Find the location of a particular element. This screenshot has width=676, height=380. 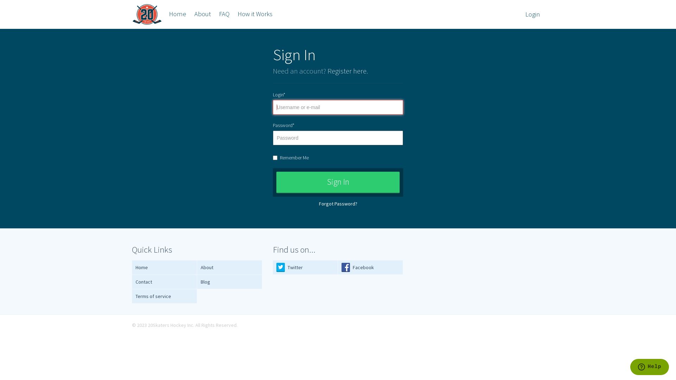

'Blog' is located at coordinates (230, 281).